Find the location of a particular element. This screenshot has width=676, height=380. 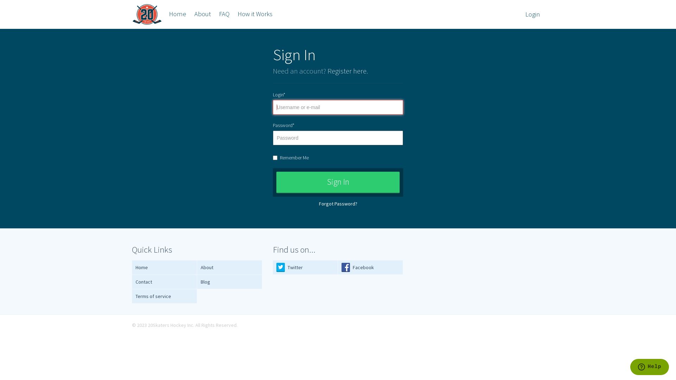

'Blog' is located at coordinates (230, 281).